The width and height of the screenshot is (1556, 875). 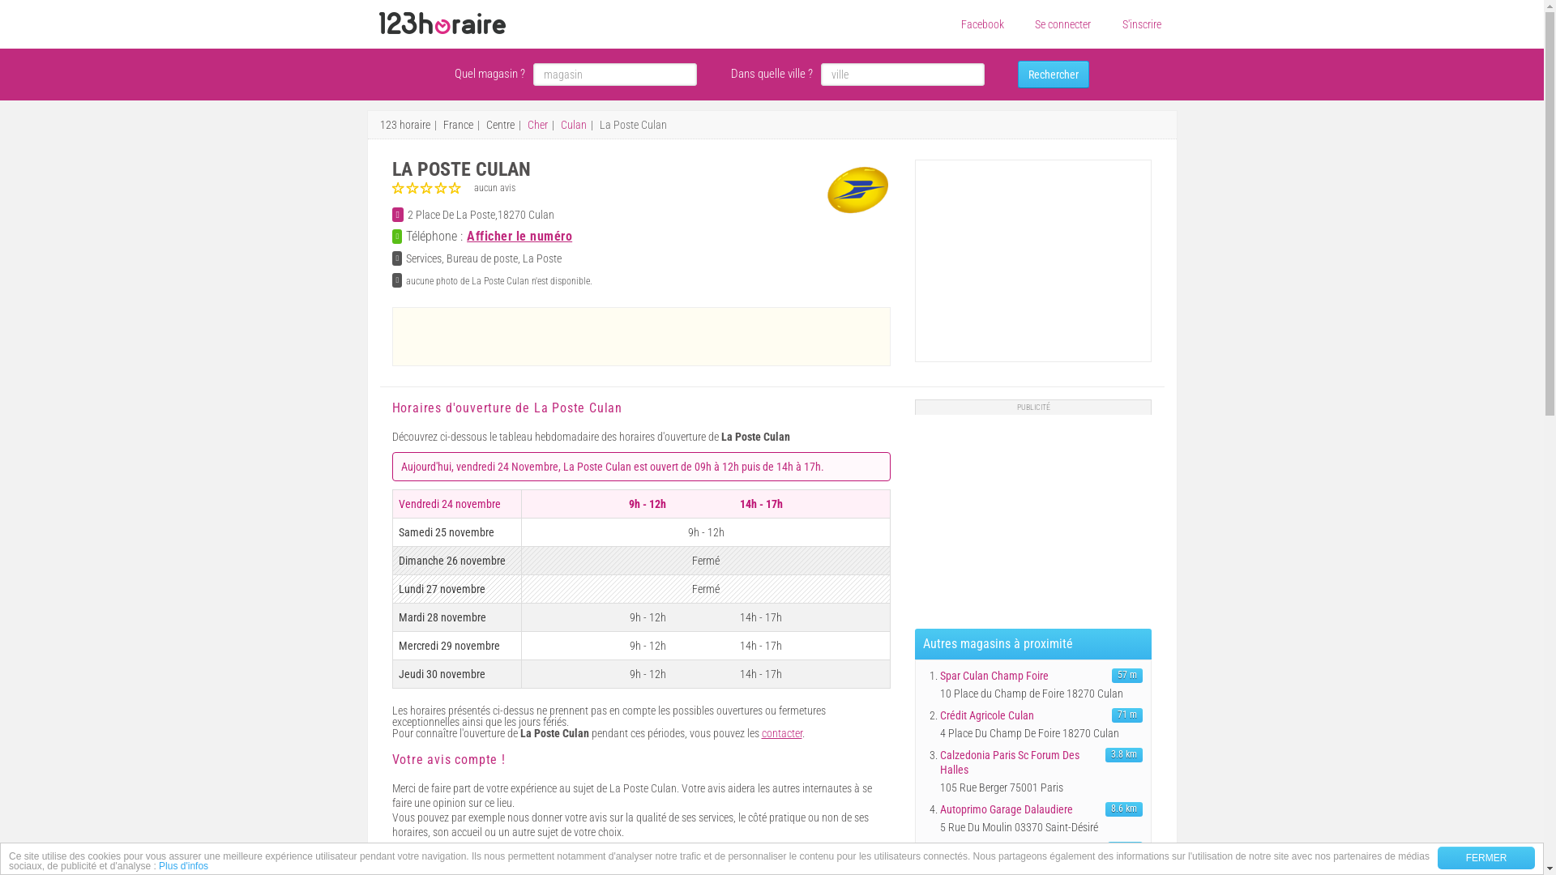 What do you see at coordinates (1020, 809) in the screenshot?
I see `'Autoprimo Garage Dalaudiere'` at bounding box center [1020, 809].